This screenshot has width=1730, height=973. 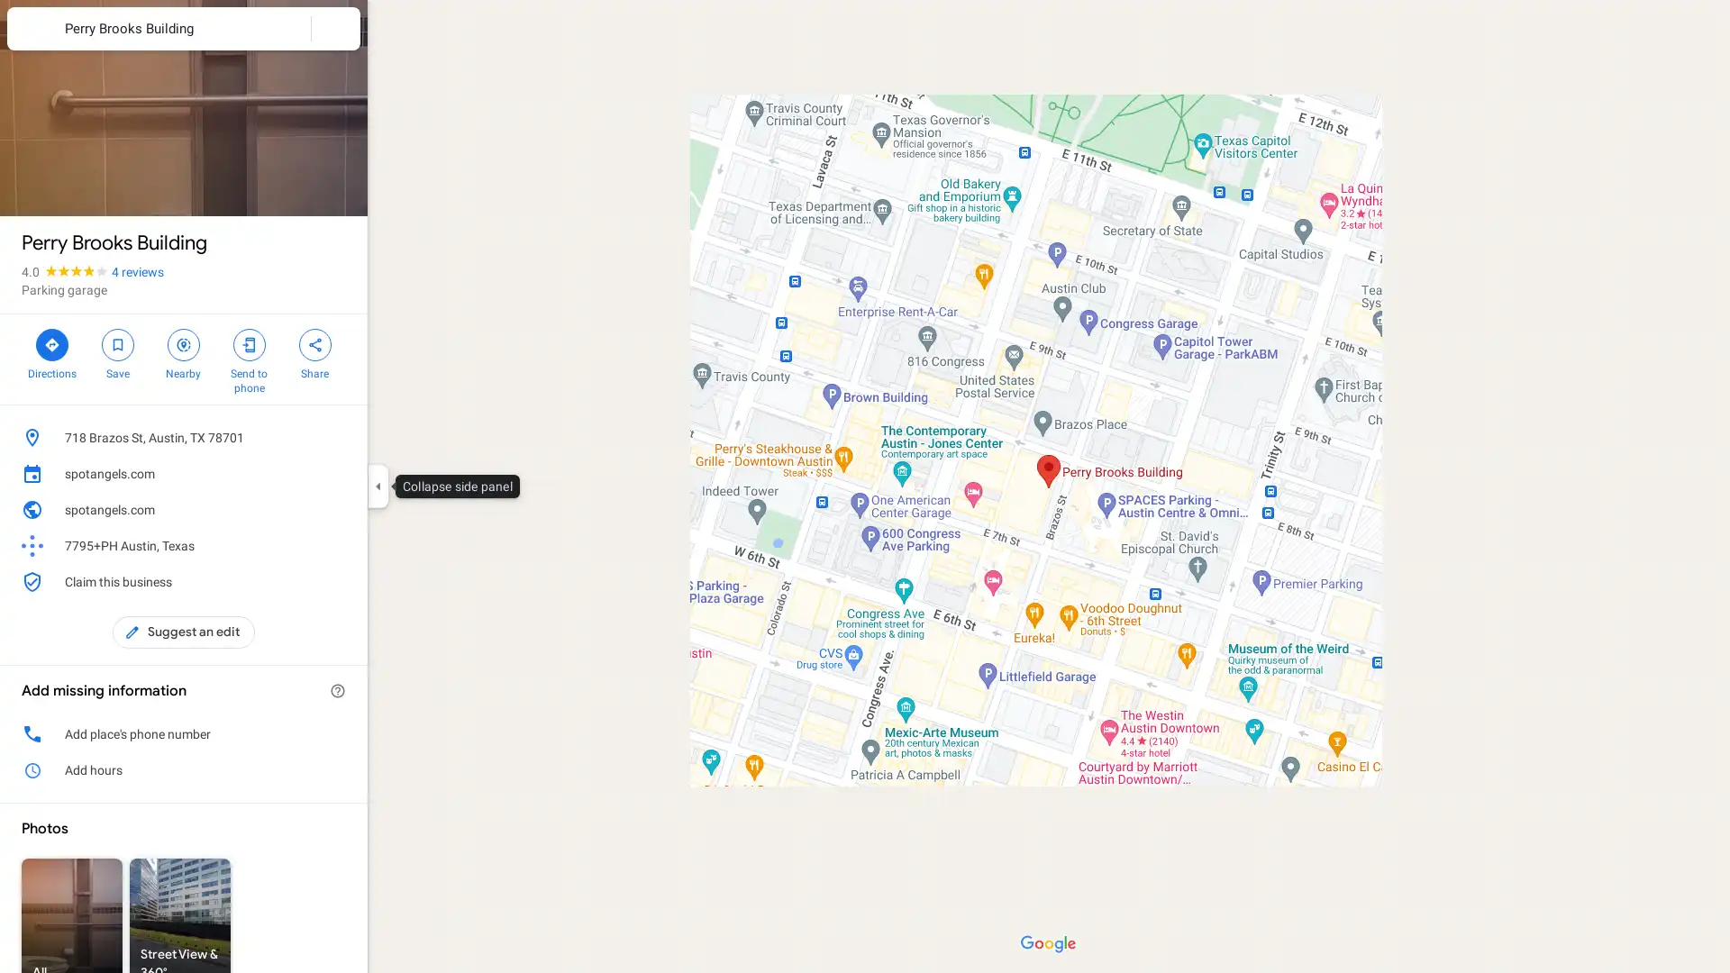 What do you see at coordinates (60, 186) in the screenshot?
I see `3 photos` at bounding box center [60, 186].